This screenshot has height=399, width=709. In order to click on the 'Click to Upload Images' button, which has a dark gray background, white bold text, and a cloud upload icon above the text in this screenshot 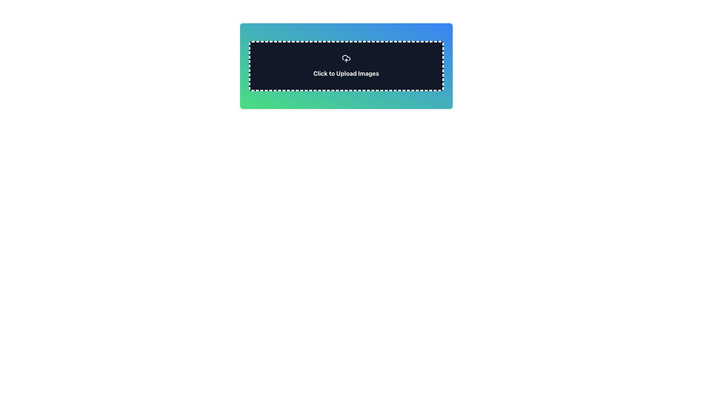, I will do `click(346, 65)`.